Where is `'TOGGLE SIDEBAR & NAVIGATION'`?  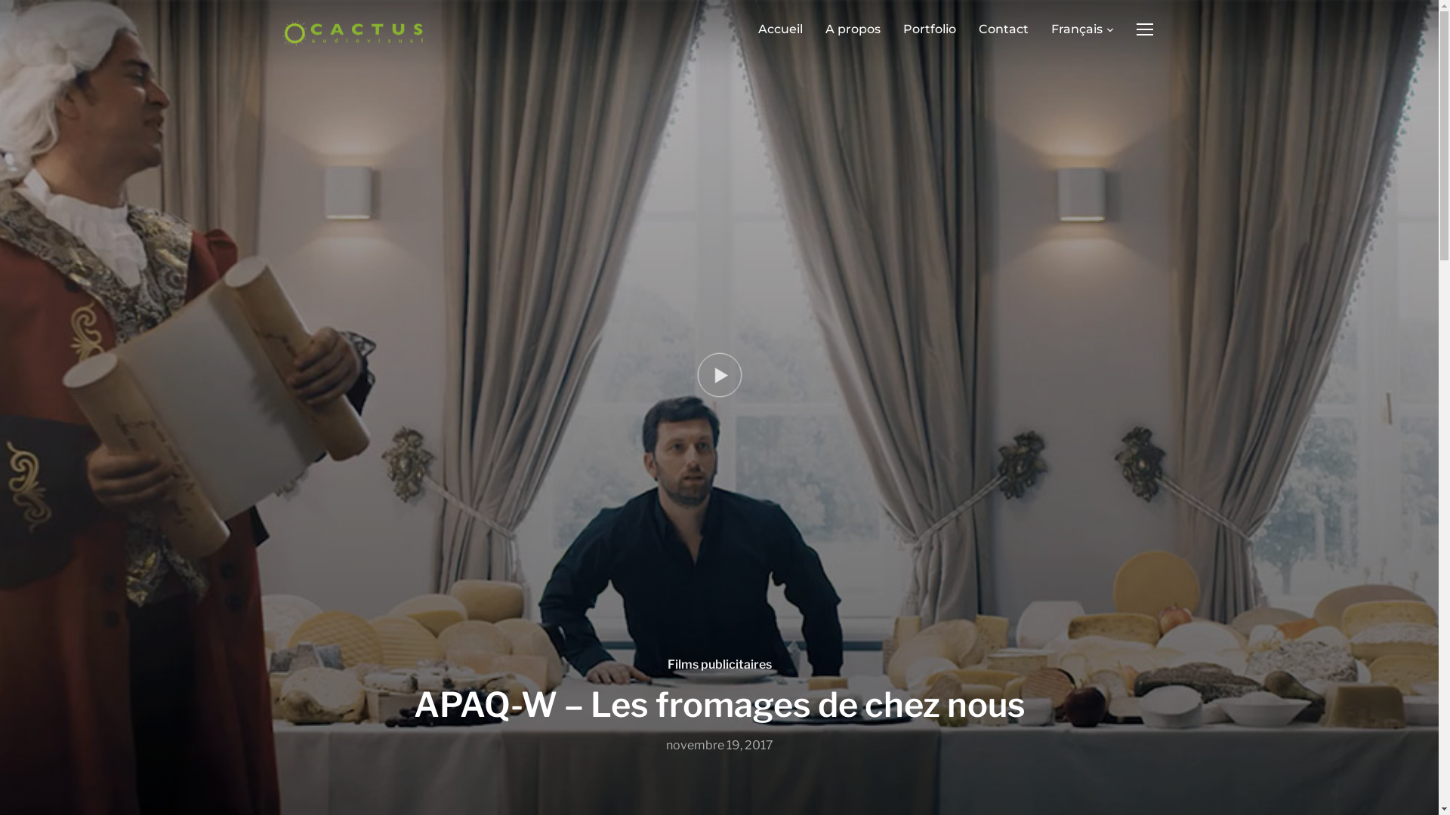
'TOGGLE SIDEBAR & NAVIGATION' is located at coordinates (1145, 29).